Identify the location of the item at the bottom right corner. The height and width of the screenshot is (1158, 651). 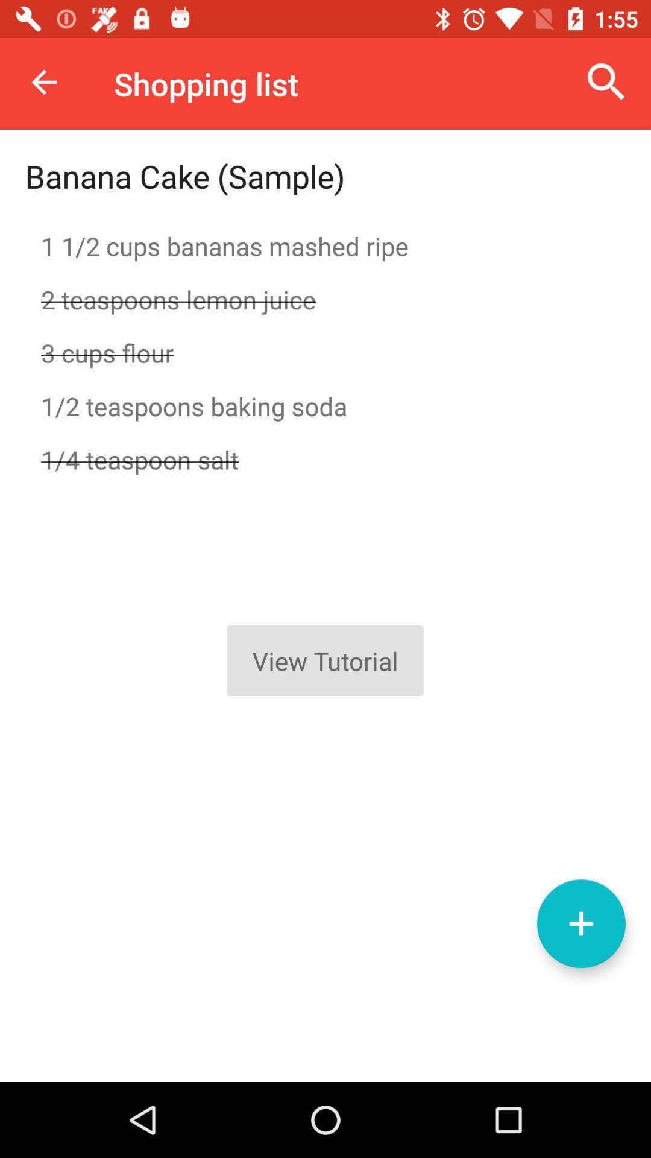
(580, 923).